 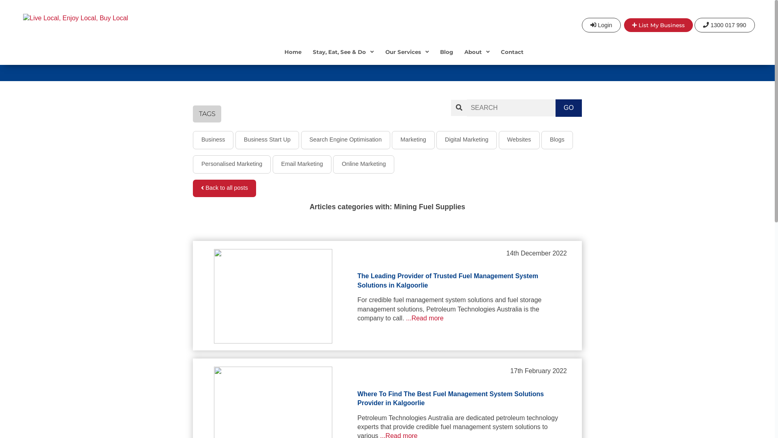 What do you see at coordinates (300, 140) in the screenshot?
I see `'Search Engine Optimisation'` at bounding box center [300, 140].